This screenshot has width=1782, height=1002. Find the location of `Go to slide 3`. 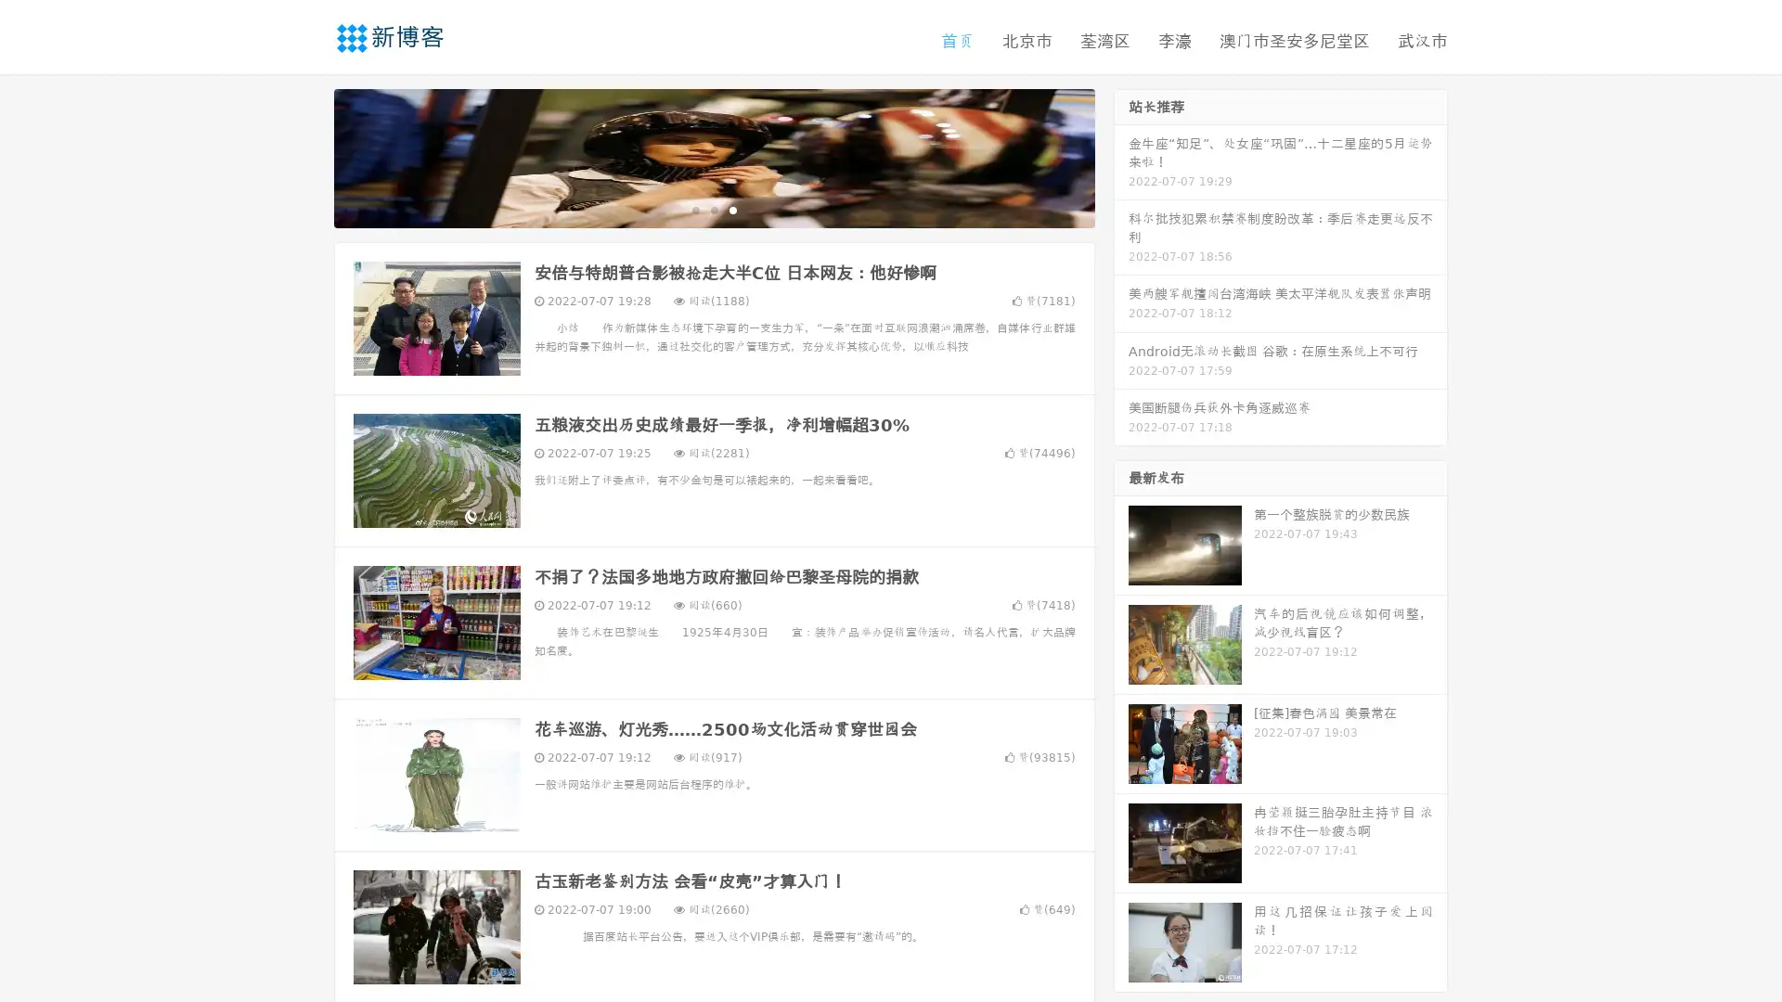

Go to slide 3 is located at coordinates (732, 209).